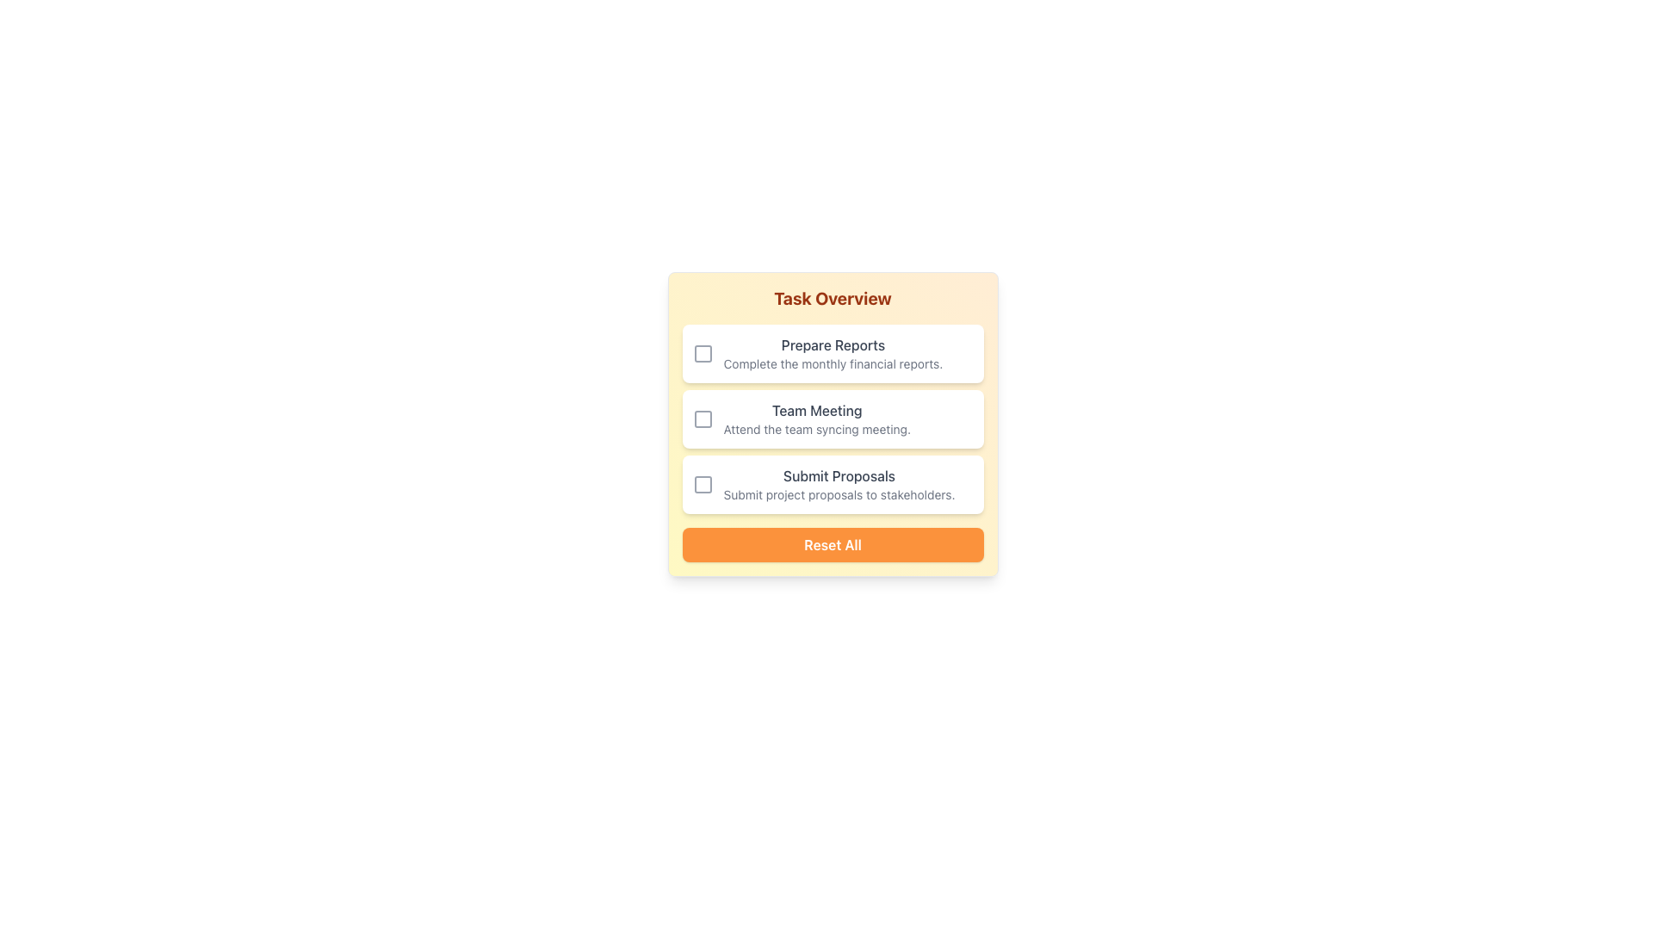  Describe the element at coordinates (703, 353) in the screenshot. I see `the checkbox located to the left of the 'Prepare Reports' text in the 'Task Overview' section` at that location.